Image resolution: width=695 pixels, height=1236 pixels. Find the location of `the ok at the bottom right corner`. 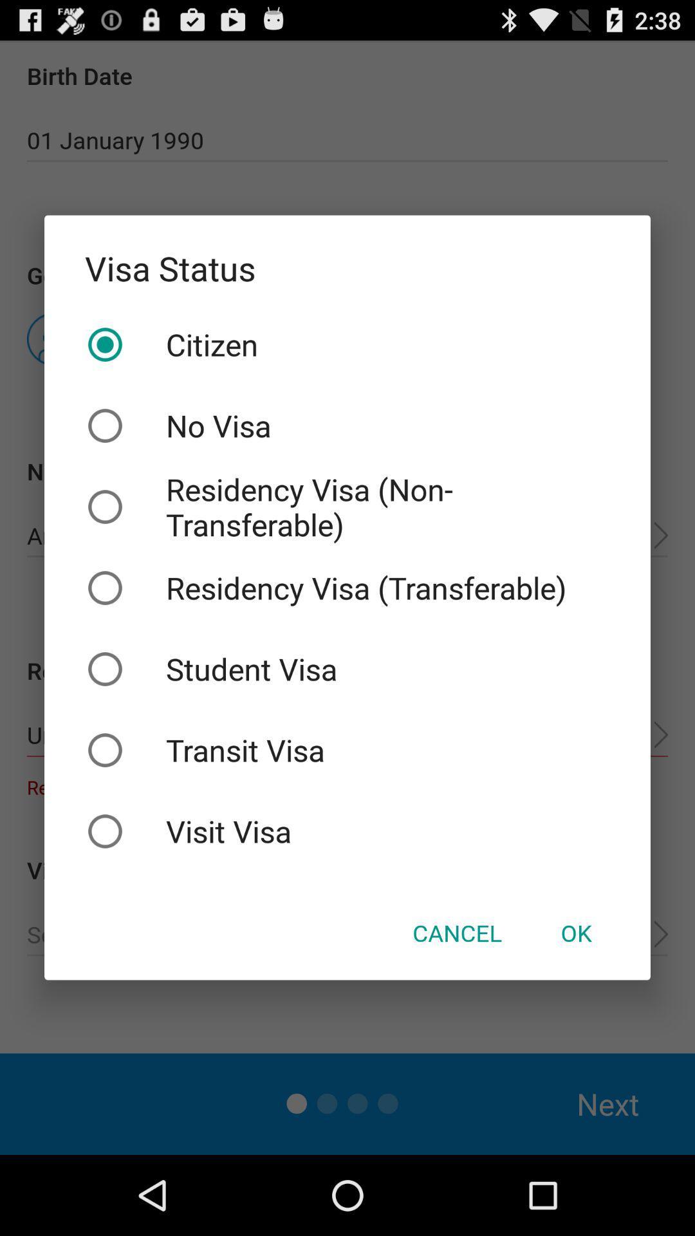

the ok at the bottom right corner is located at coordinates (575, 933).